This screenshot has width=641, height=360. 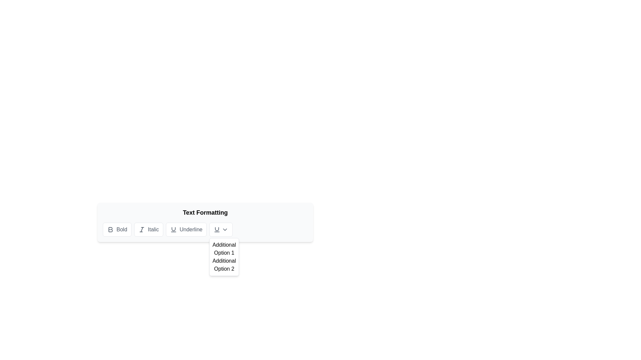 I want to click on the 'Underline' button, so click(x=173, y=229).